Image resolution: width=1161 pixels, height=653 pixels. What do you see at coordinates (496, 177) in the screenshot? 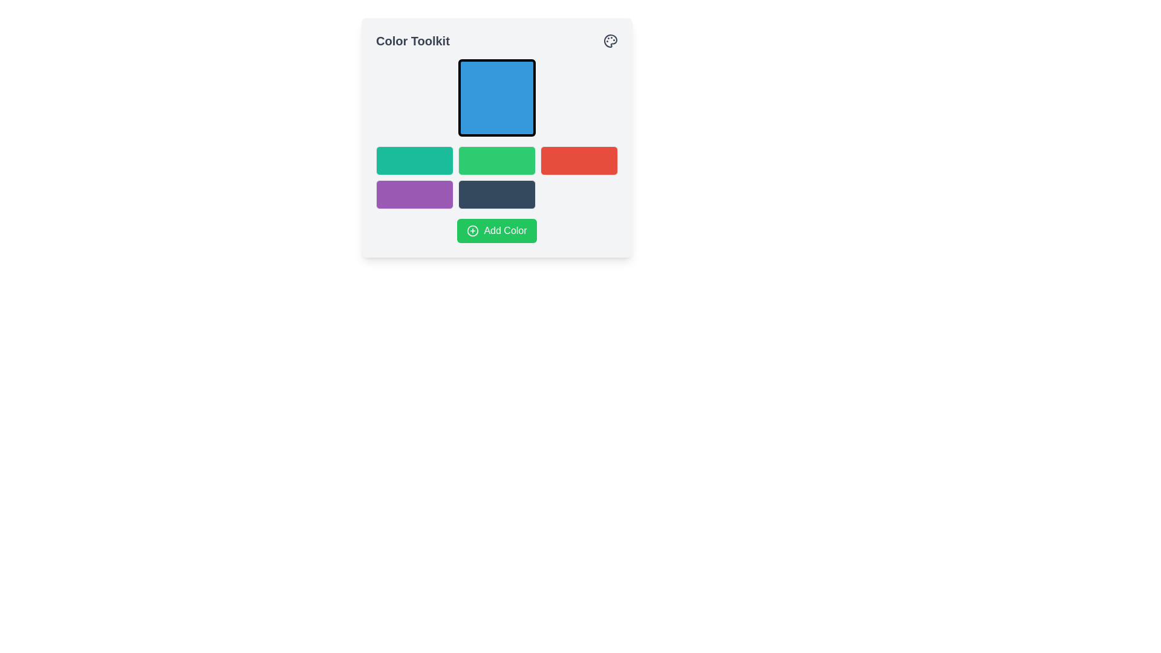
I see `the specific block in the Color Toolkit grid layout` at bounding box center [496, 177].